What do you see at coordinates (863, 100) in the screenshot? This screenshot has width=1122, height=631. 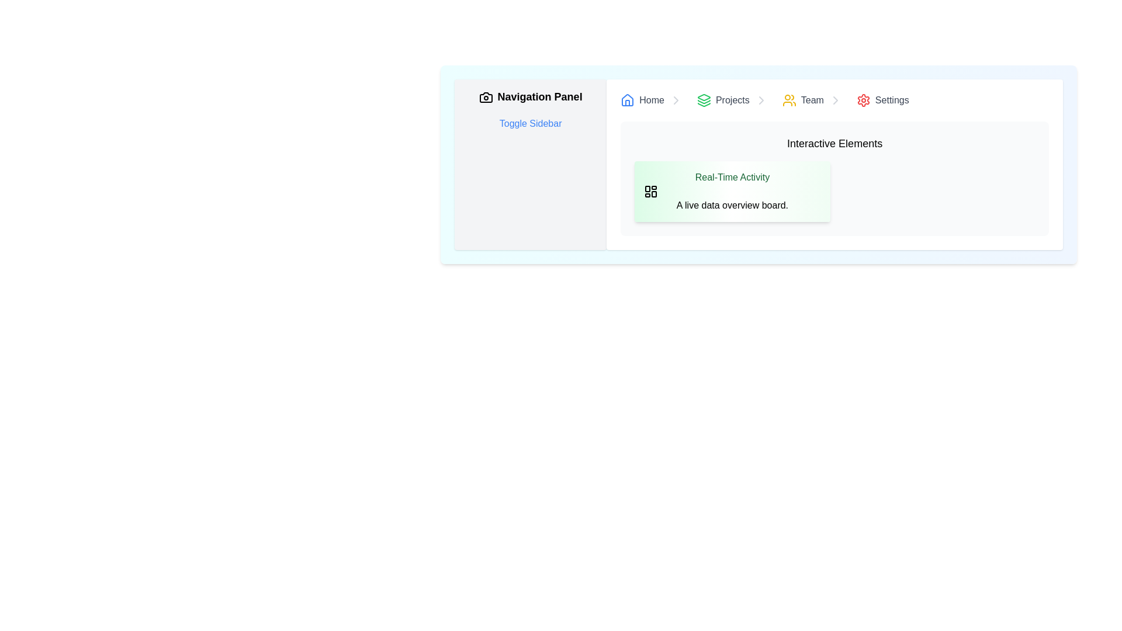 I see `the red cogwheel icon located near the top-right corner of the interface, next to the 'Settings' label` at bounding box center [863, 100].